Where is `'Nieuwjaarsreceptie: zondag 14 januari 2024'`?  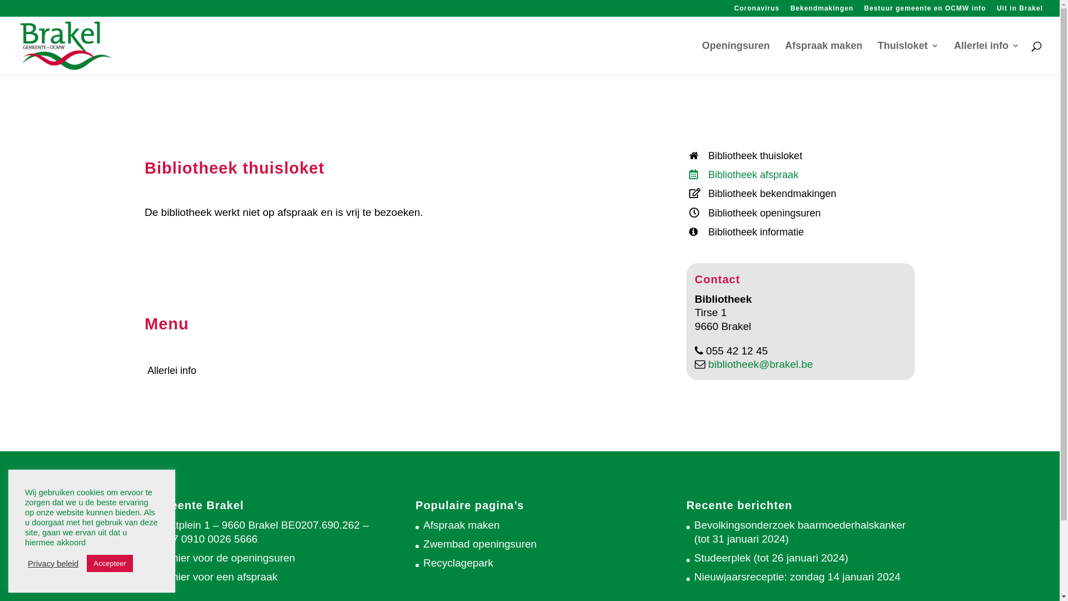
'Nieuwjaarsreceptie: zondag 14 januari 2024' is located at coordinates (797, 576).